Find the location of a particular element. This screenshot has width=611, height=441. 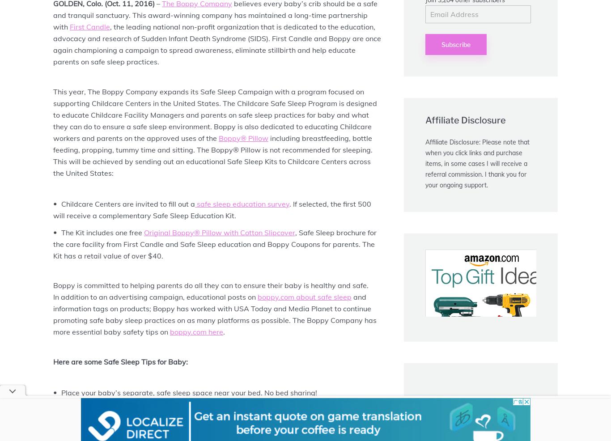

'This year, The Boppy Company expands its Safe Sleep Campaign with a program focused on supporting Childcare Centers in the United States. The Childcare Safe Sleep Program is designed to educate Childcare Facility Managers and parents on safe sleep practices for baby and what they can do to ensure a safe sleep environment. Boppy is also dedicated to educating Childcare workers and parents on the approved uses of the' is located at coordinates (215, 114).